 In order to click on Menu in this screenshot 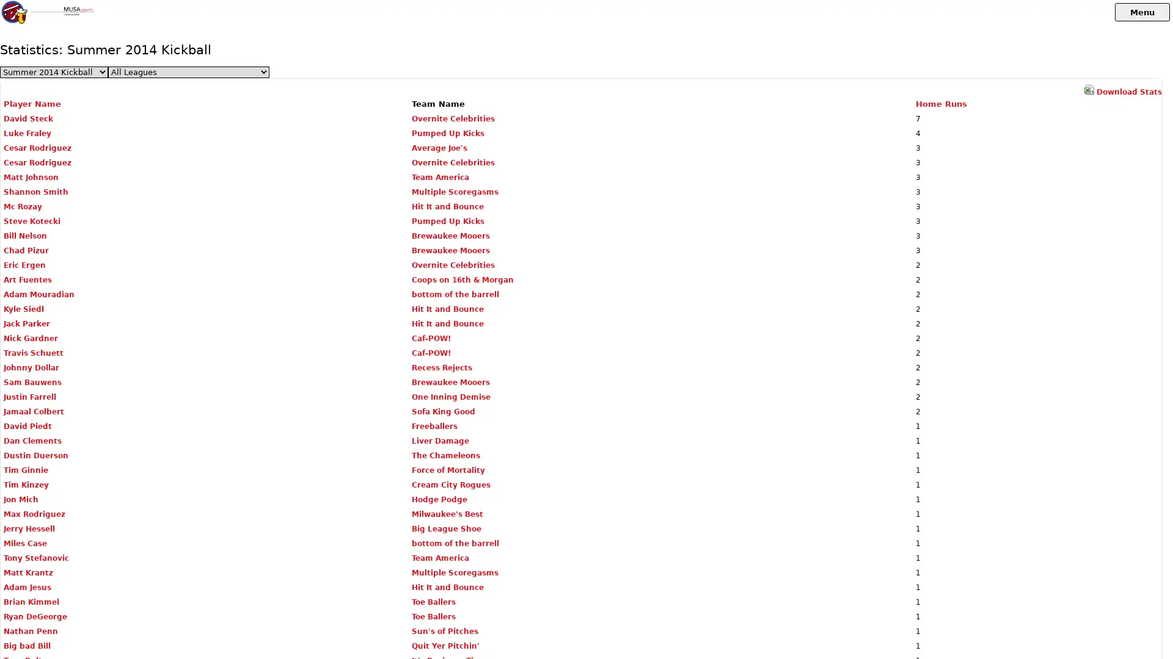, I will do `click(1142, 12)`.